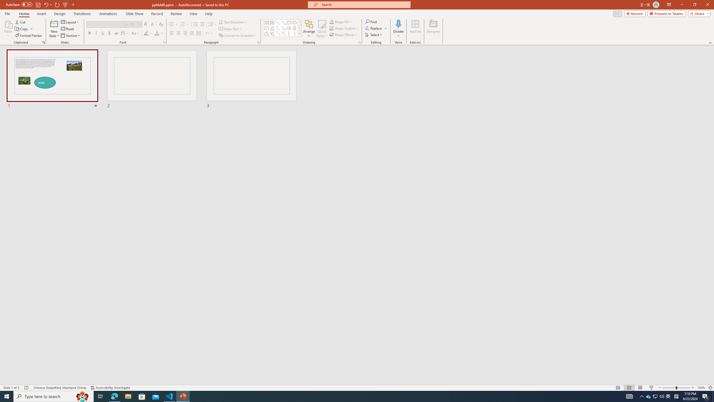  Describe the element at coordinates (289, 22) in the screenshot. I see `'Rectangle'` at that location.